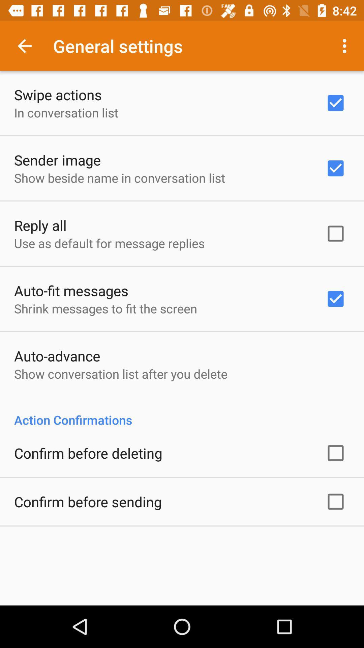 This screenshot has width=364, height=648. What do you see at coordinates (182, 412) in the screenshot?
I see `app at the center` at bounding box center [182, 412].